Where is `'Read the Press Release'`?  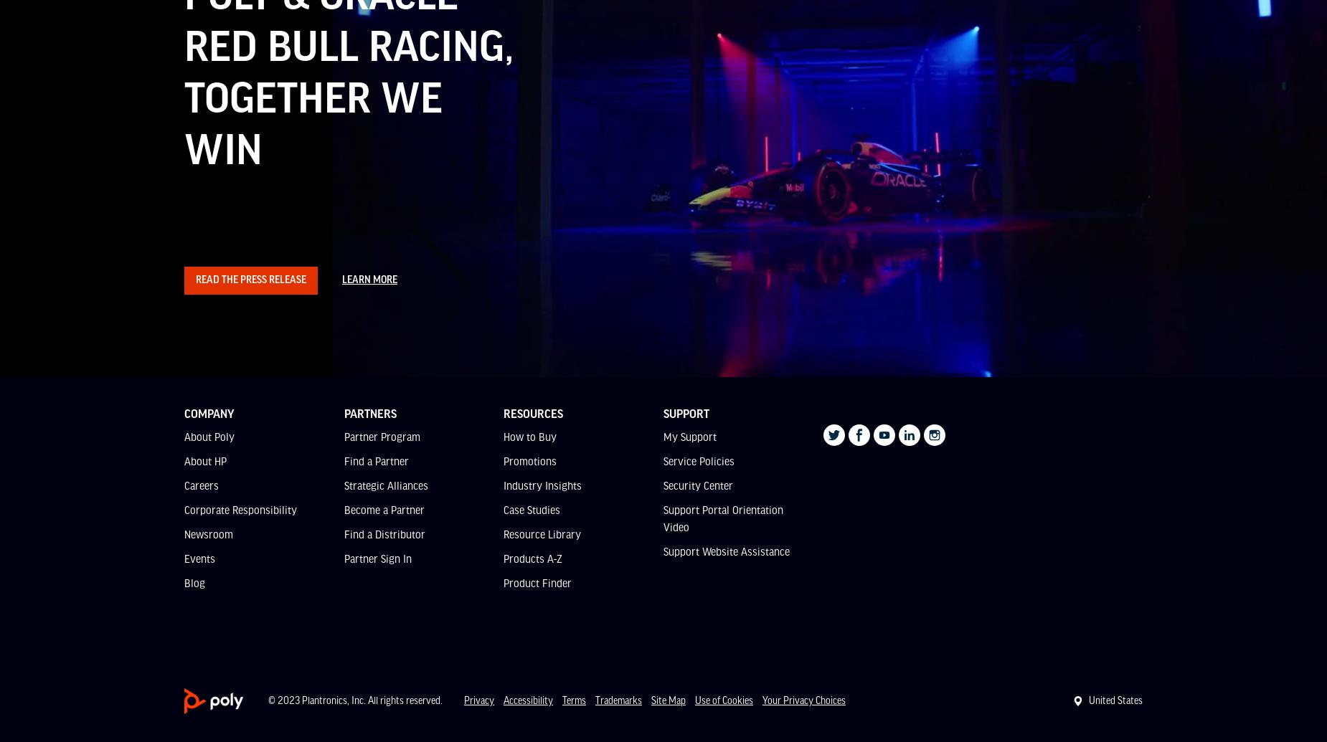 'Read the Press Release' is located at coordinates (250, 279).